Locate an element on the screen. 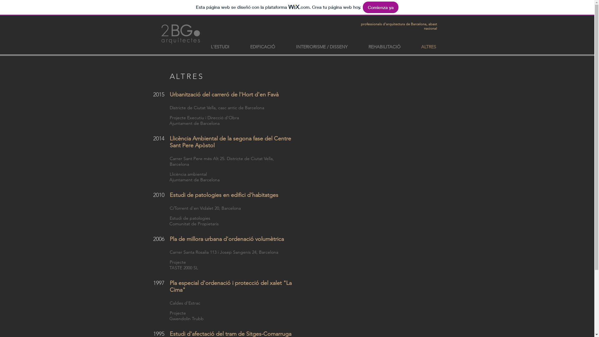  'L'ESTUDI' is located at coordinates (220, 46).